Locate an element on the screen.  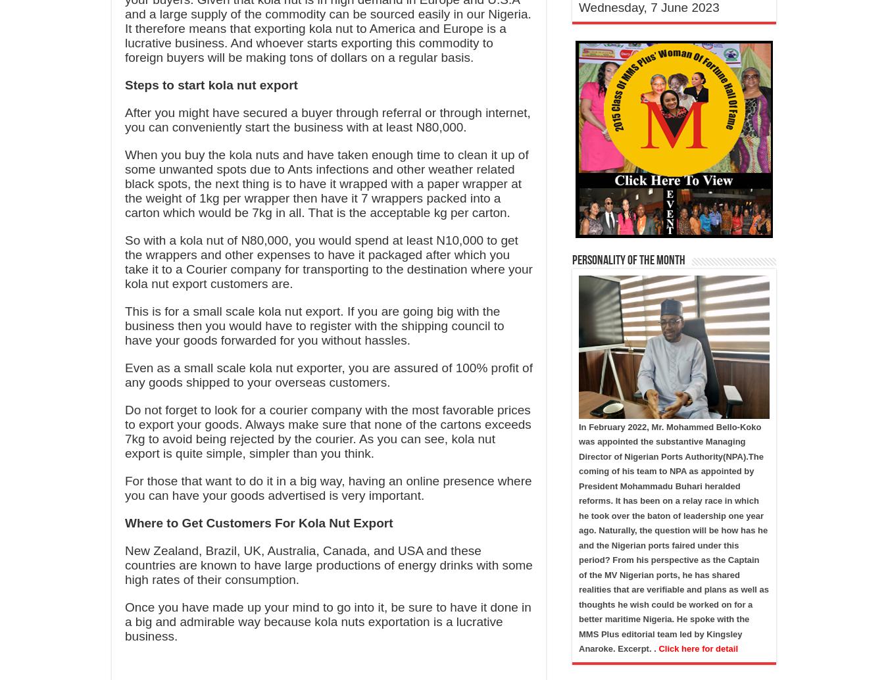
'After you might have secured a buyer through referral or through internet, you can conveniently start the business with at least N80,000.' is located at coordinates (327, 120).